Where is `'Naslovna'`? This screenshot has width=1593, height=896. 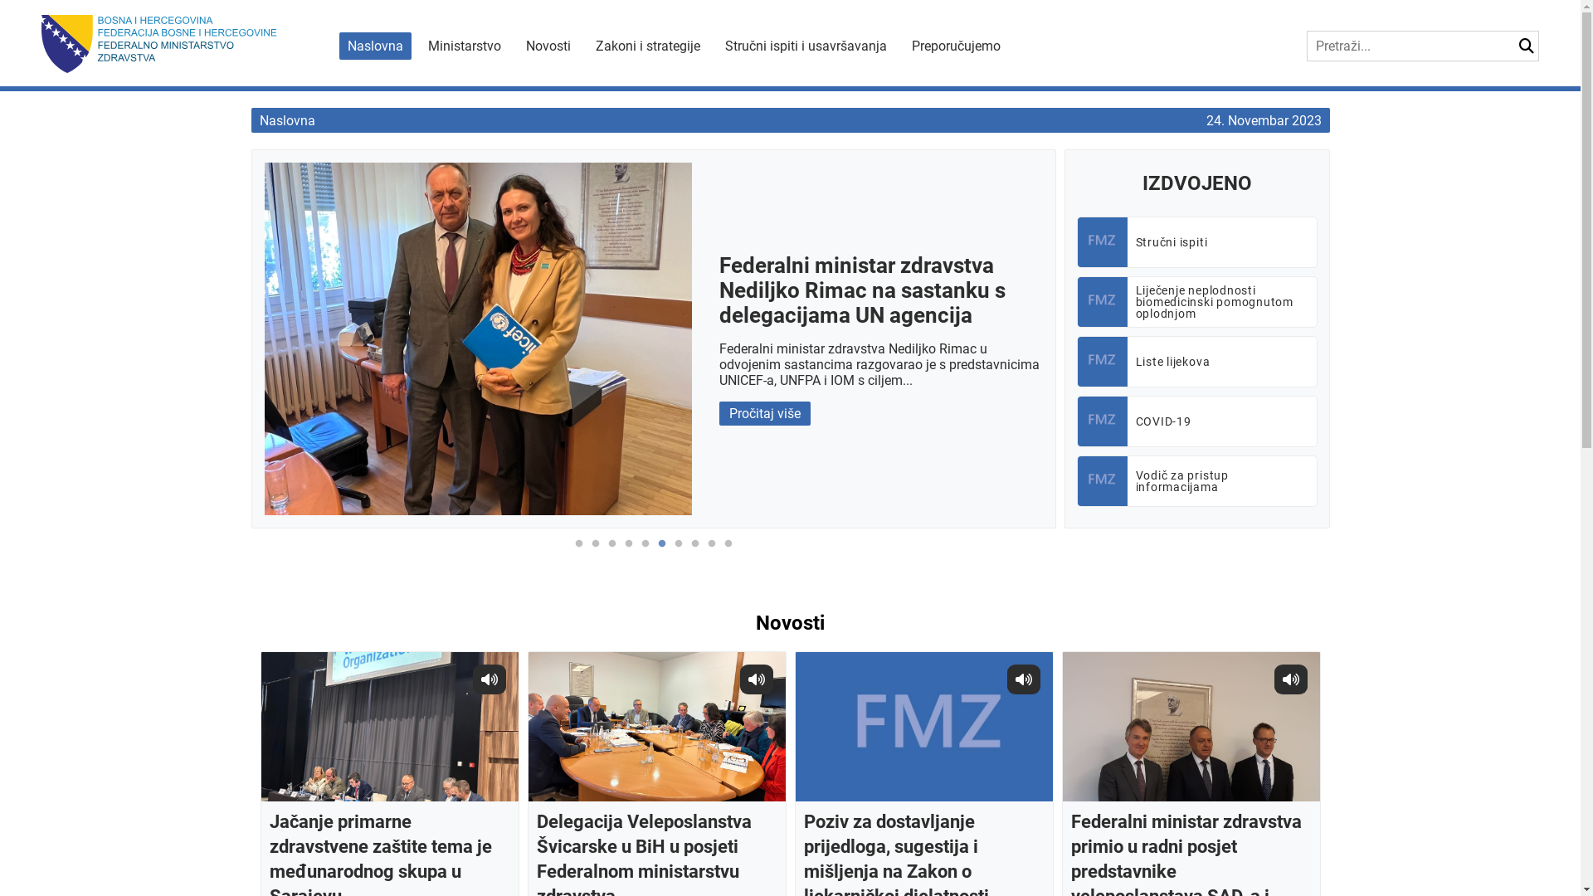
'Naslovna' is located at coordinates (286, 119).